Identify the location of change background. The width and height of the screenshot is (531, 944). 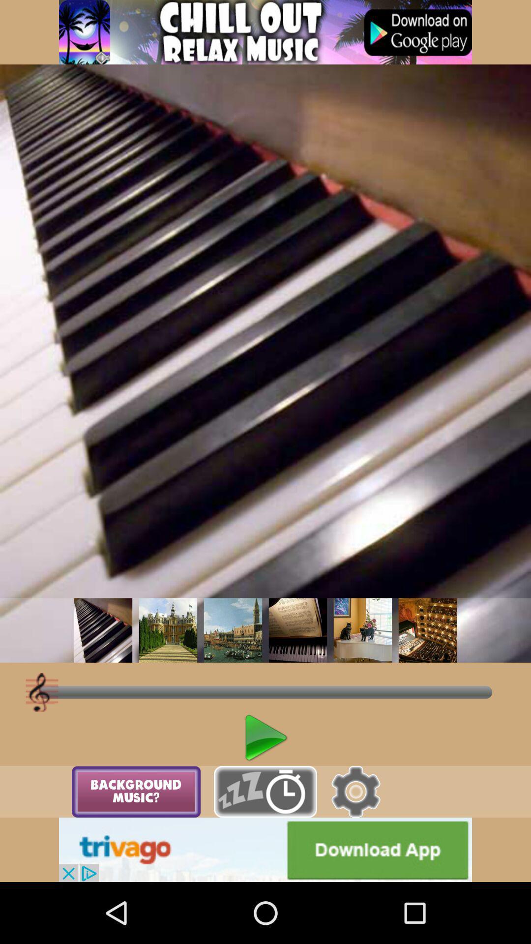
(233, 630).